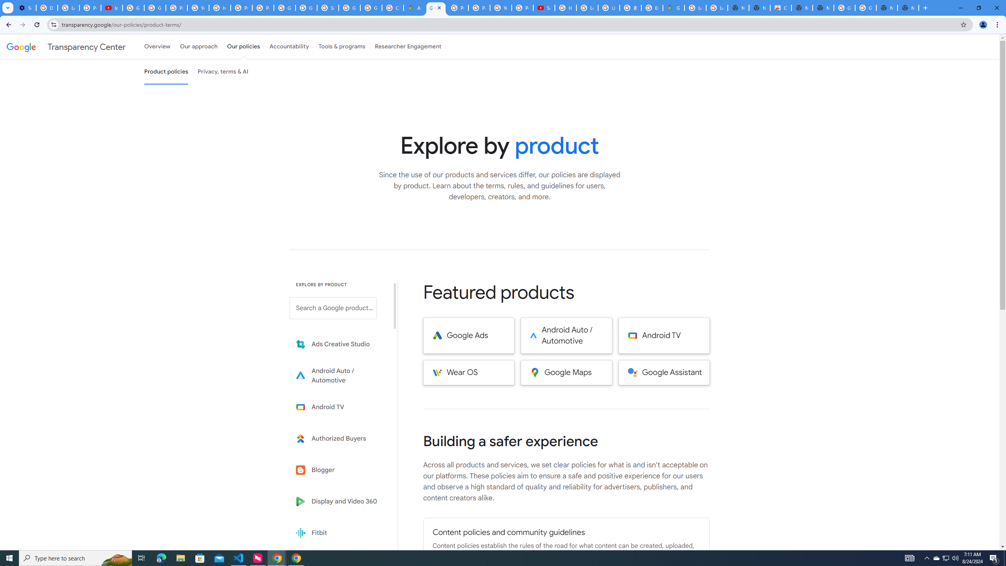 This screenshot has height=566, width=1006. Describe the element at coordinates (333, 308) in the screenshot. I see `'Search a Google product from below list.'` at that location.